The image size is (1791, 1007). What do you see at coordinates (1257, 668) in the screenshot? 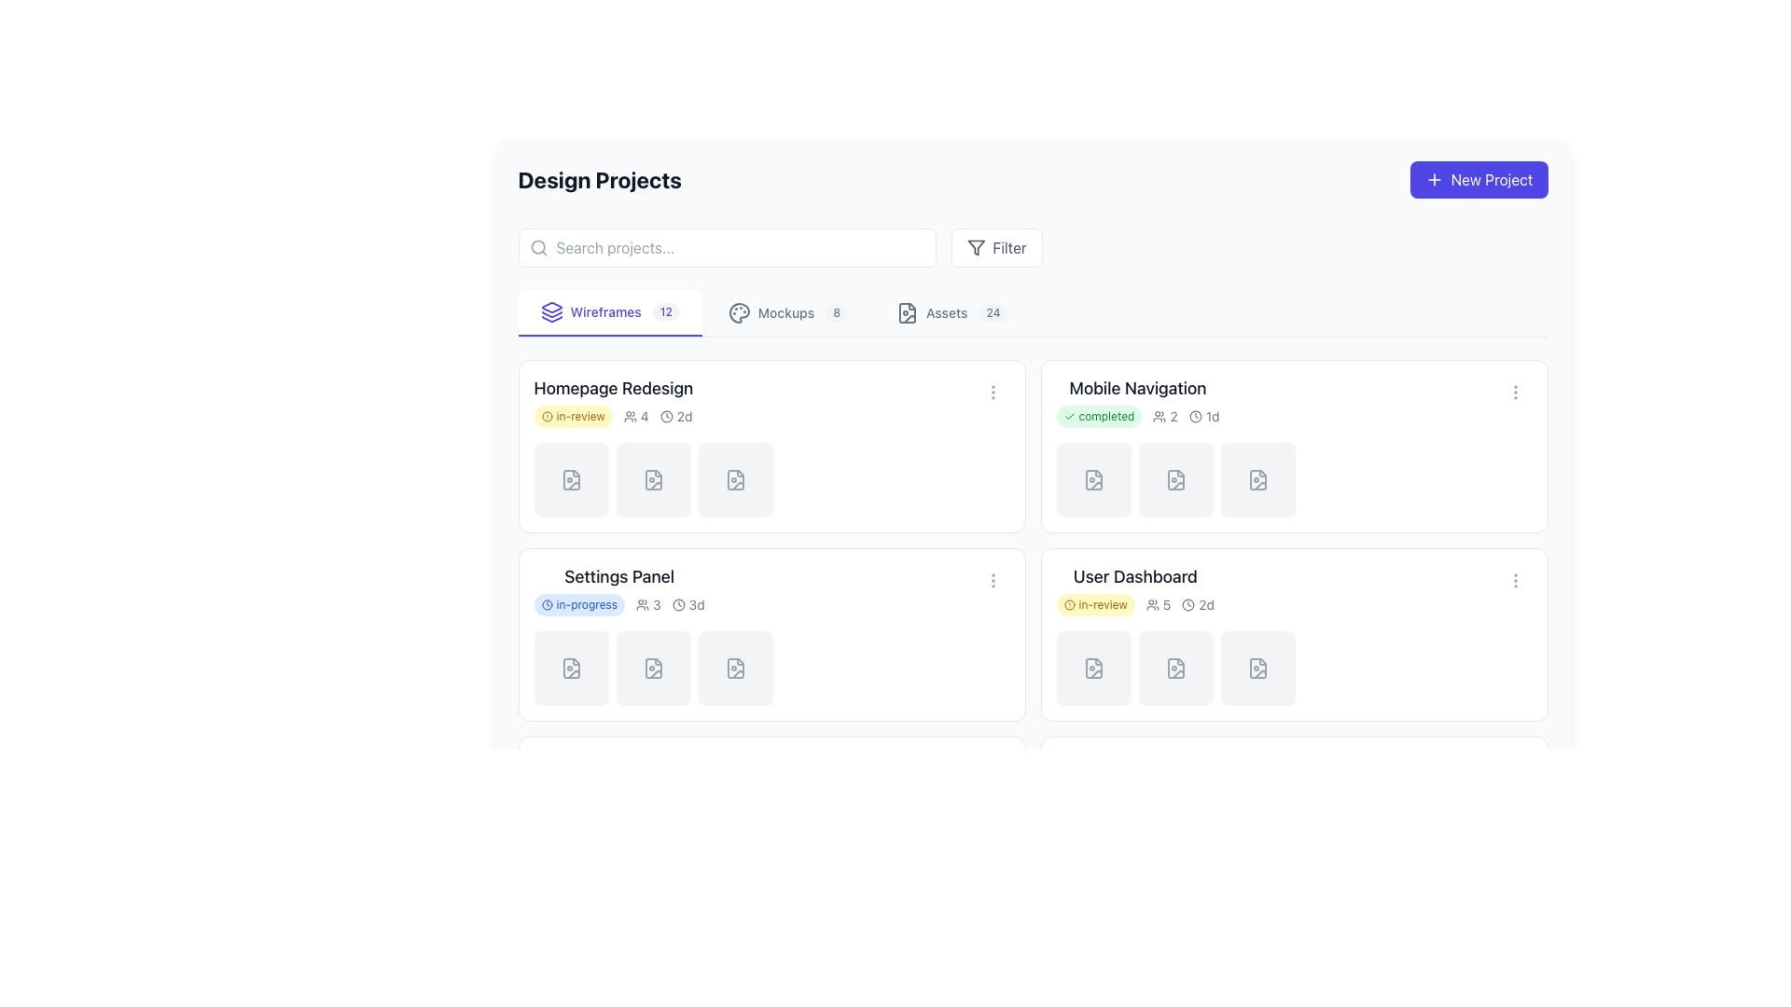
I see `the SVG Icon representing an image file within the 'User Dashboard' located in the fourth slot at the bottom right of the card` at bounding box center [1257, 668].